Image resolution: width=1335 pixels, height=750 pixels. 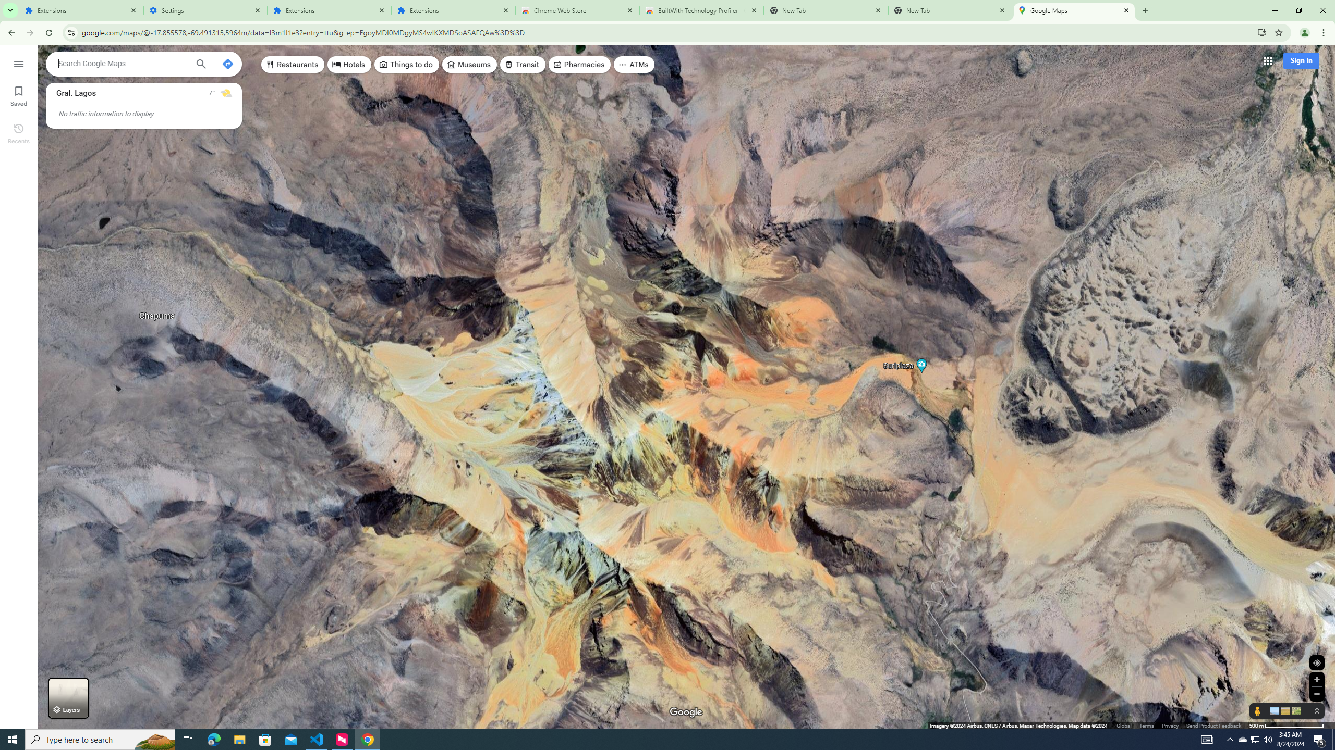 I want to click on 'Show Your Location', so click(x=1316, y=662).